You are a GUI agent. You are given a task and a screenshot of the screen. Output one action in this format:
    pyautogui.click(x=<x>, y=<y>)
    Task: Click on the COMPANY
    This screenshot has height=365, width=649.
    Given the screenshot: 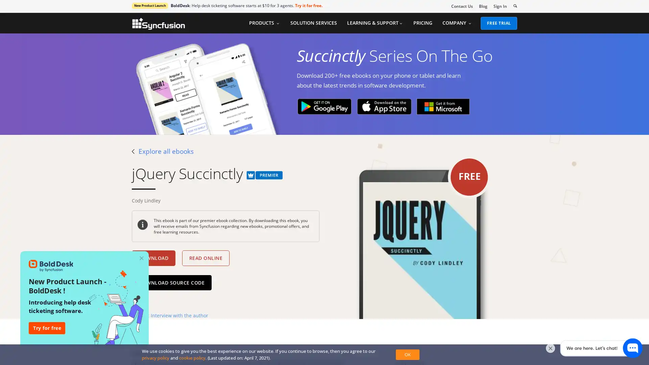 What is the action you would take?
    pyautogui.click(x=457, y=23)
    